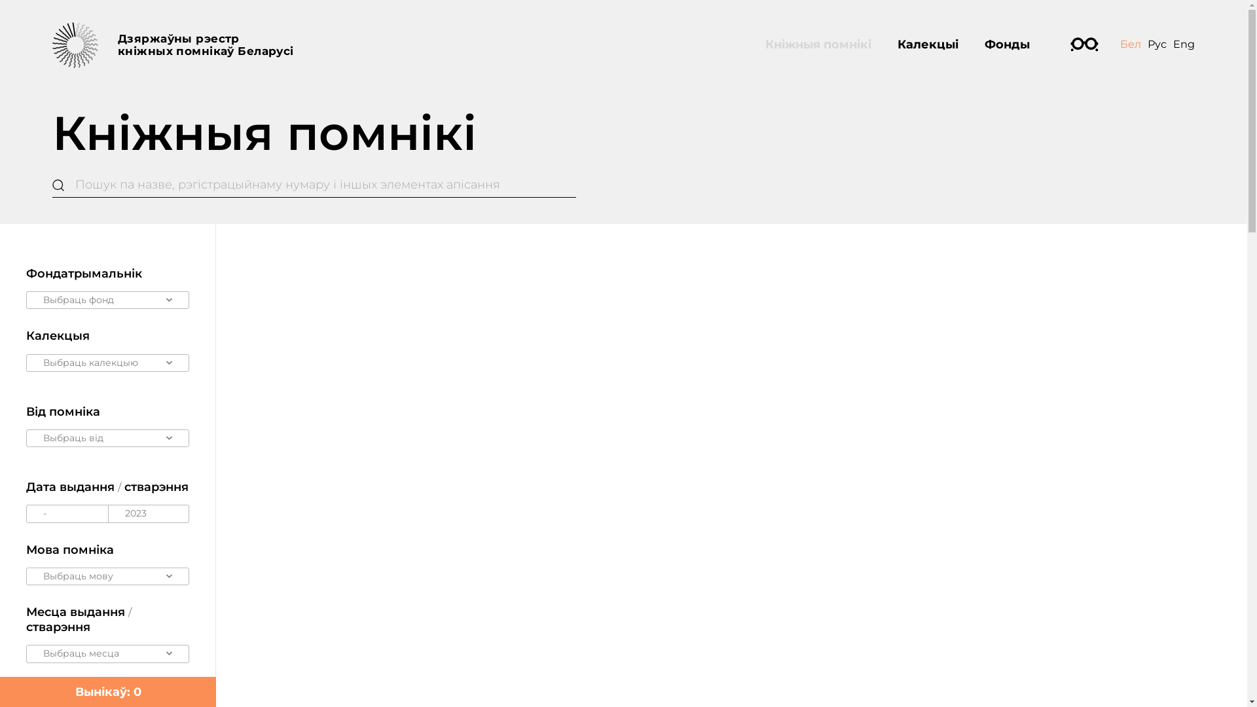 This screenshot has height=707, width=1257. What do you see at coordinates (1184, 43) in the screenshot?
I see `'Eng'` at bounding box center [1184, 43].